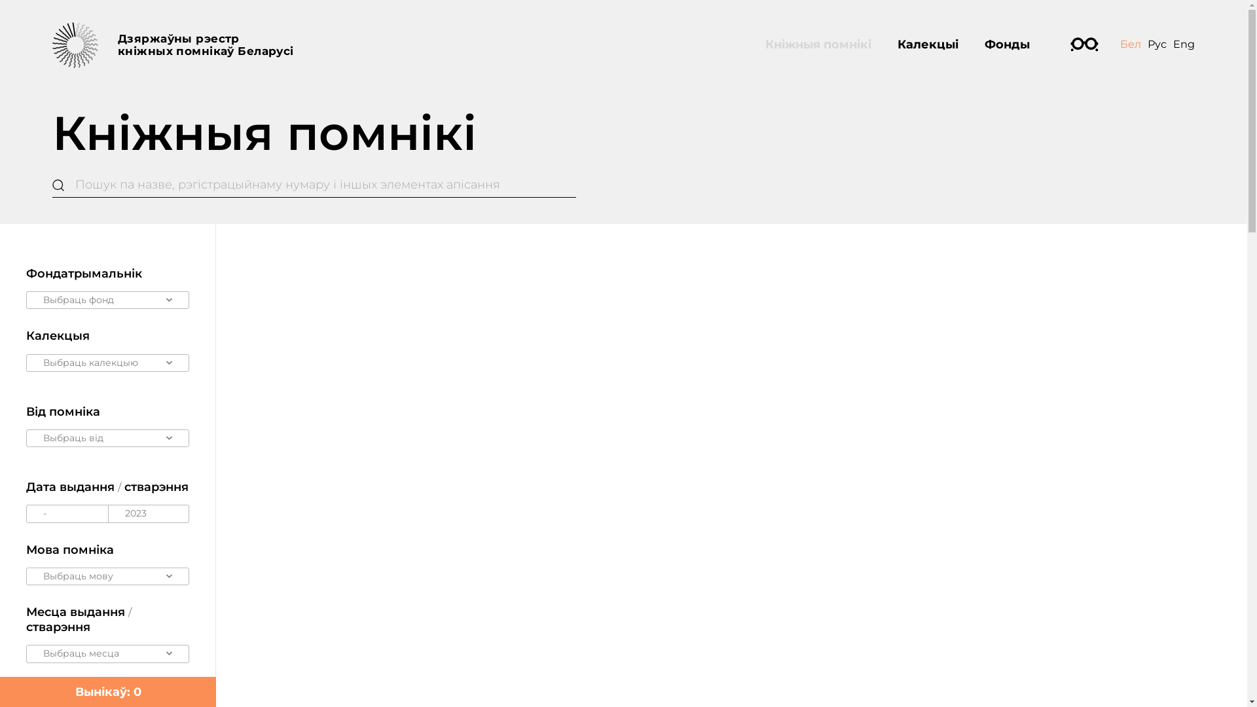 This screenshot has height=707, width=1257. What do you see at coordinates (1184, 43) in the screenshot?
I see `'Eng'` at bounding box center [1184, 43].